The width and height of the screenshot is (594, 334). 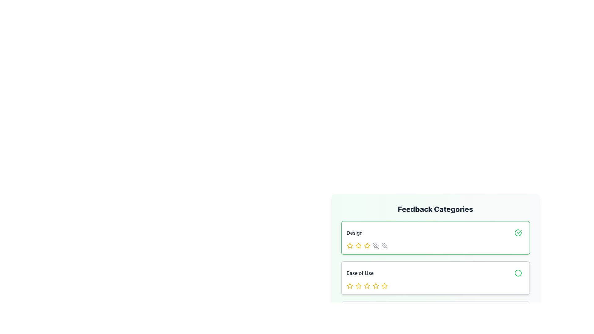 I want to click on the fifth star icon in the 'Feedback Categories' section, which is part of the 'Design' category and appears grayed out, indicating inactivity, so click(x=384, y=245).